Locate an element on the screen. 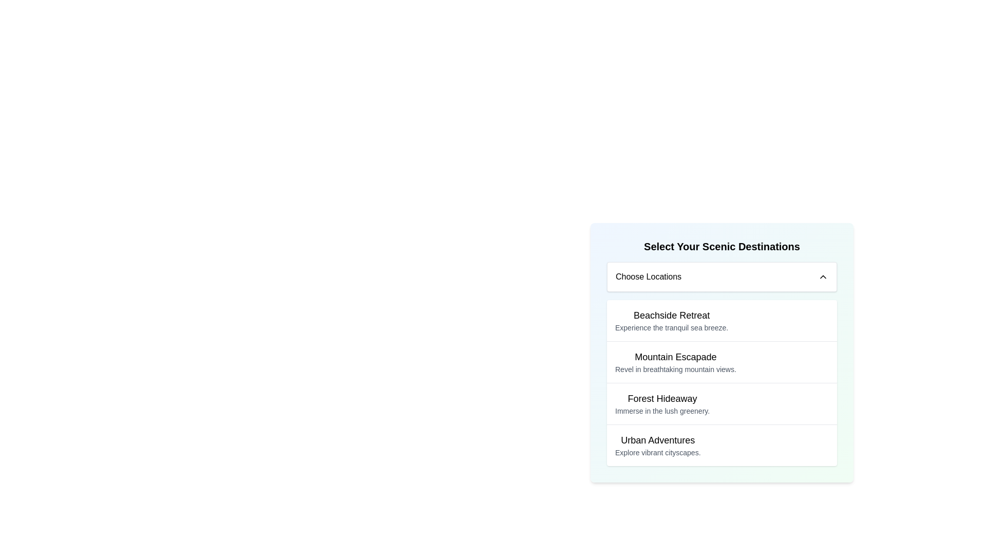 Image resolution: width=986 pixels, height=555 pixels. the list item containing the text 'Mountain Escapade' is located at coordinates (675, 362).